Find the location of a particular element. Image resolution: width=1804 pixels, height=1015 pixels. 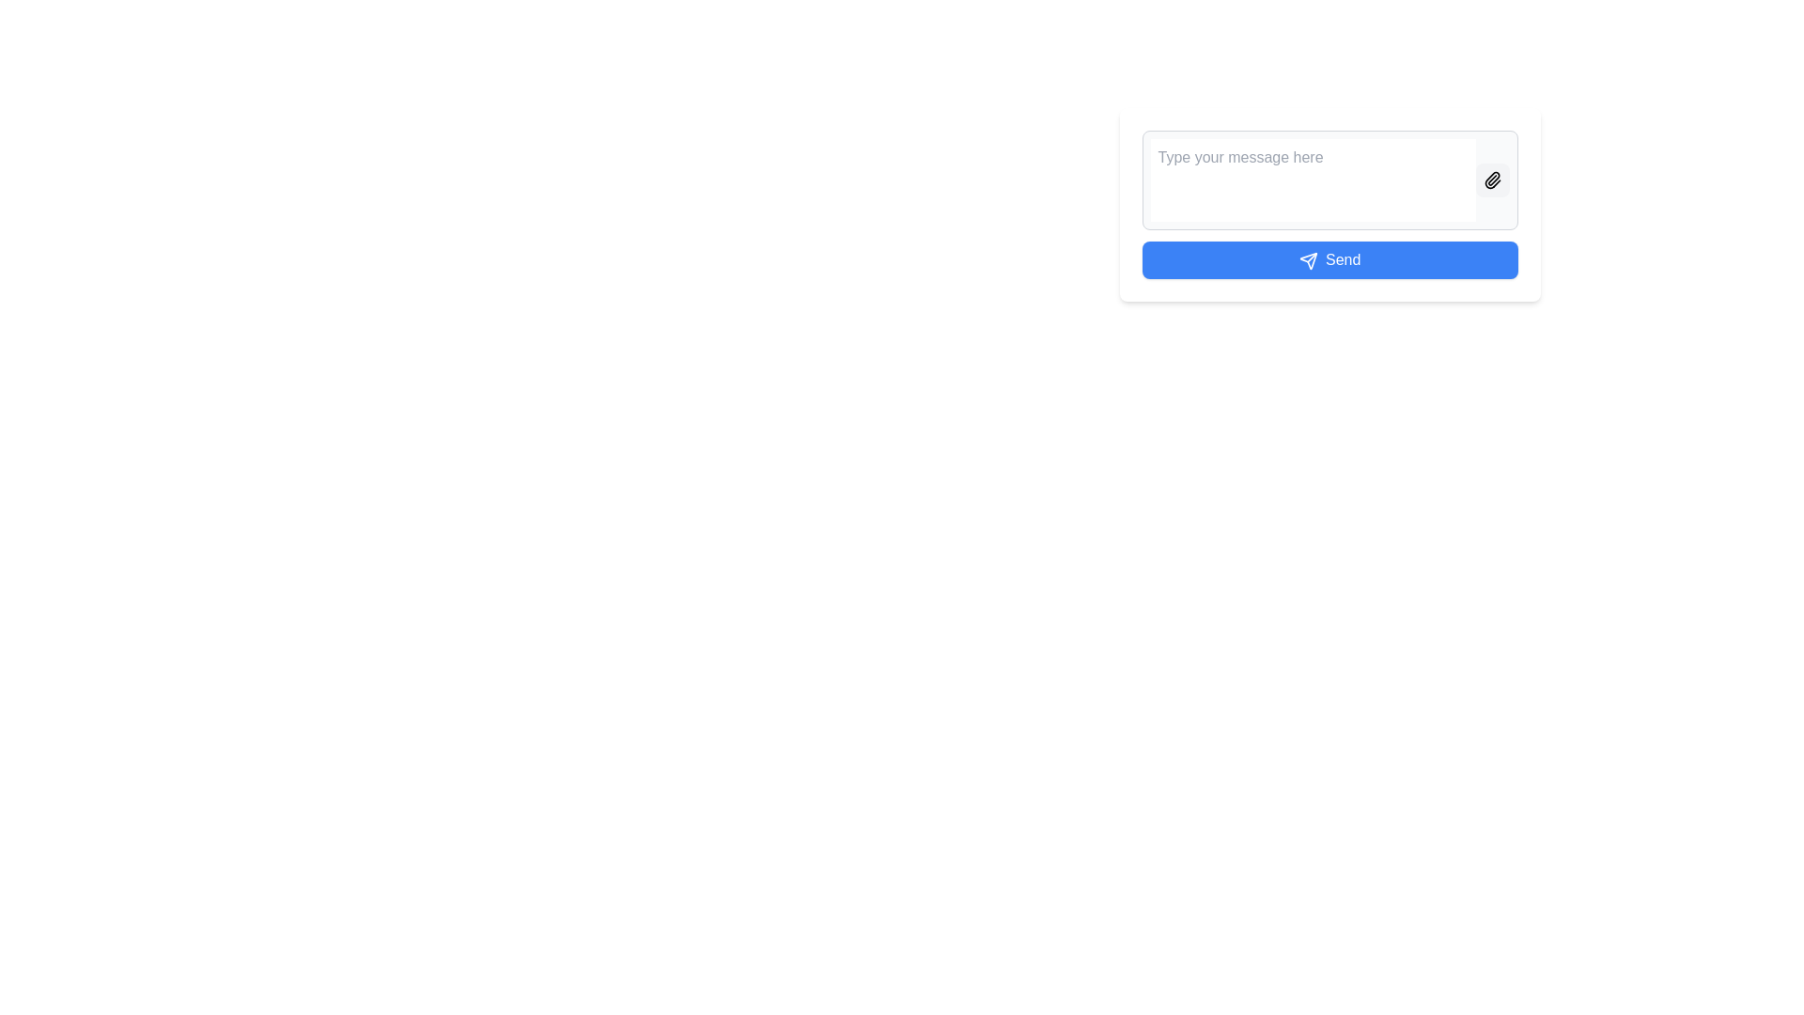

the text within the multi-line input box that has the placeholder text 'Type your message here.' is located at coordinates (1312, 180).